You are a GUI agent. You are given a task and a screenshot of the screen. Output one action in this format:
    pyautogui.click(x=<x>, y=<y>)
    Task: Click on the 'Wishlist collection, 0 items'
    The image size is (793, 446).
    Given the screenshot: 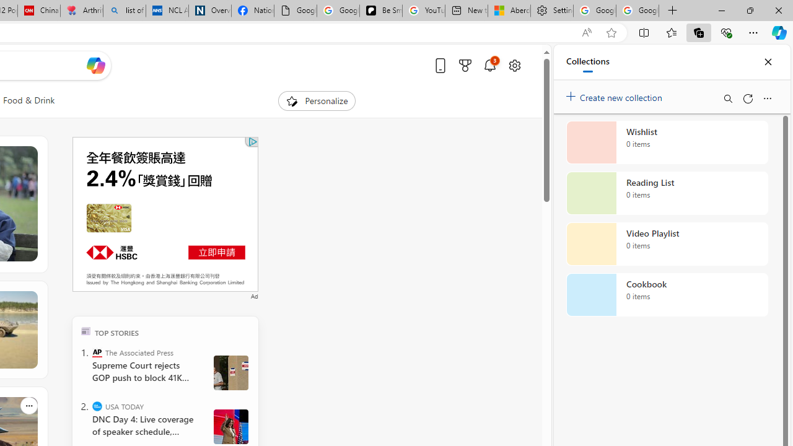 What is the action you would take?
    pyautogui.click(x=667, y=142)
    